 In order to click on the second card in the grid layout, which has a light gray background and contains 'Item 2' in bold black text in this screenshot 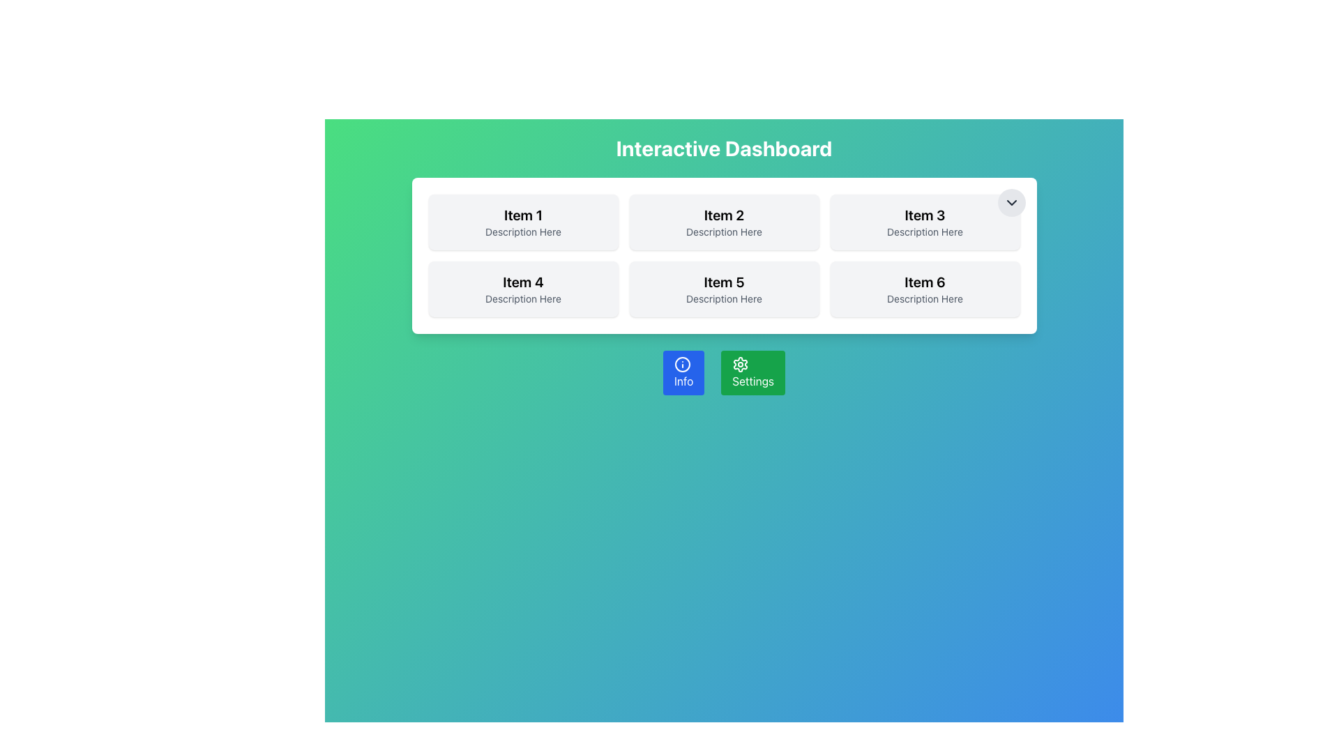, I will do `click(724, 222)`.